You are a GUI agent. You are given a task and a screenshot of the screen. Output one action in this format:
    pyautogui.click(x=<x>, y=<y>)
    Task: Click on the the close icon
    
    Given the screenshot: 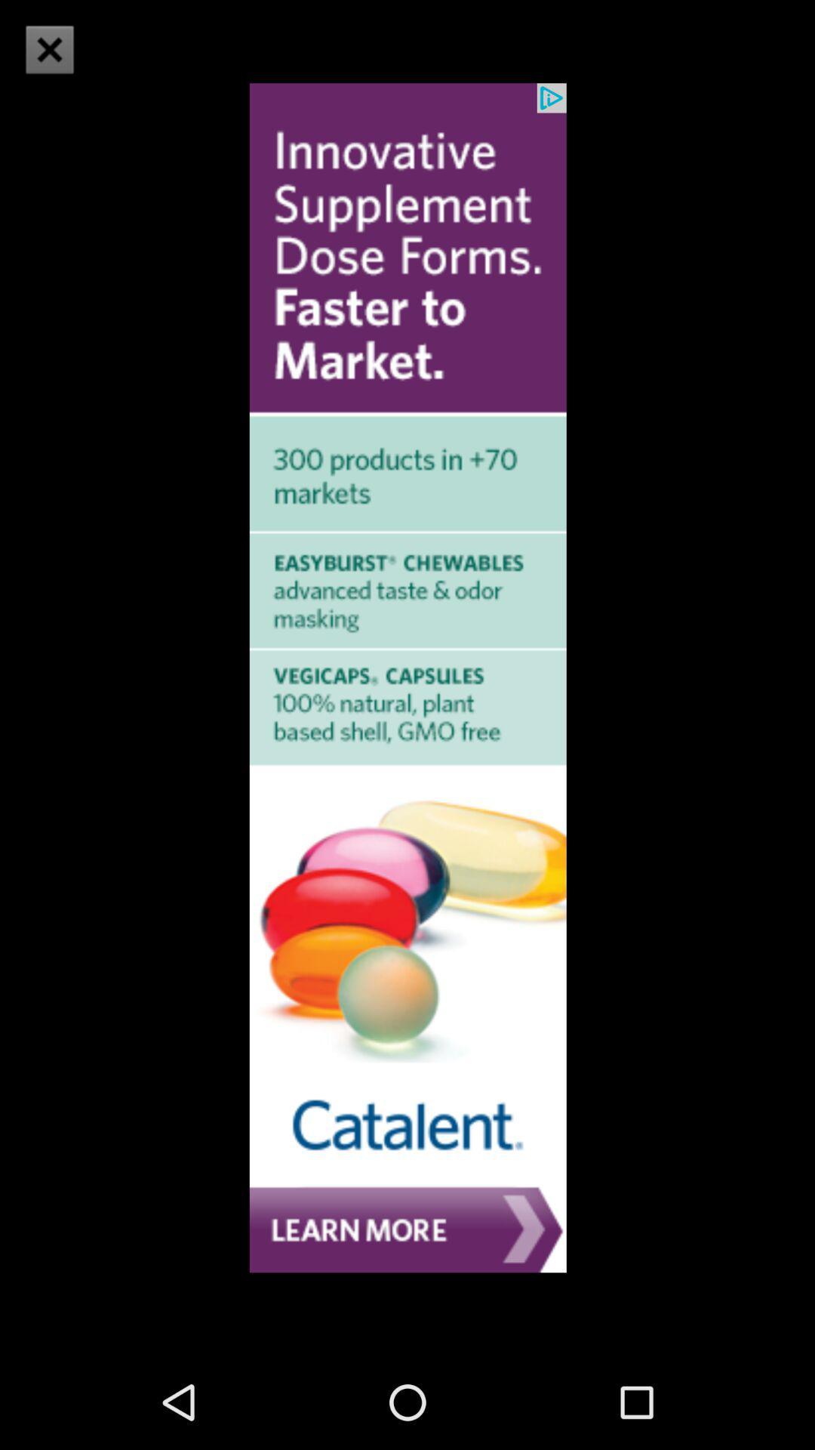 What is the action you would take?
    pyautogui.click(x=48, y=53)
    